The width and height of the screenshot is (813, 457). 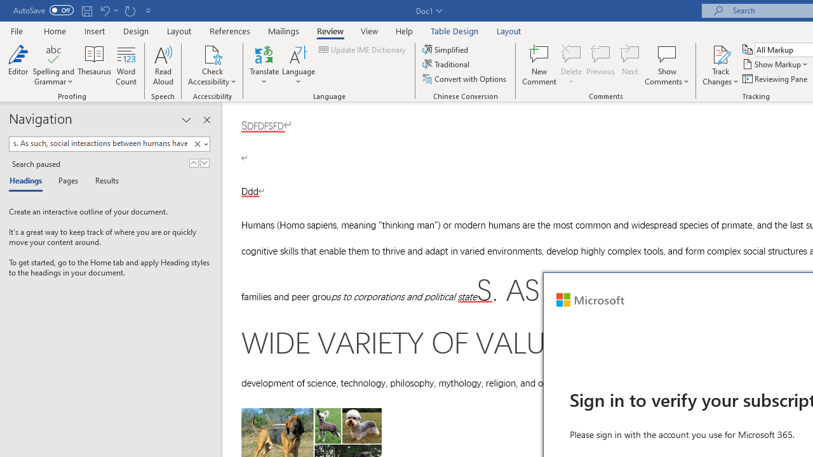 What do you see at coordinates (464, 79) in the screenshot?
I see `'Convert with Options...'` at bounding box center [464, 79].